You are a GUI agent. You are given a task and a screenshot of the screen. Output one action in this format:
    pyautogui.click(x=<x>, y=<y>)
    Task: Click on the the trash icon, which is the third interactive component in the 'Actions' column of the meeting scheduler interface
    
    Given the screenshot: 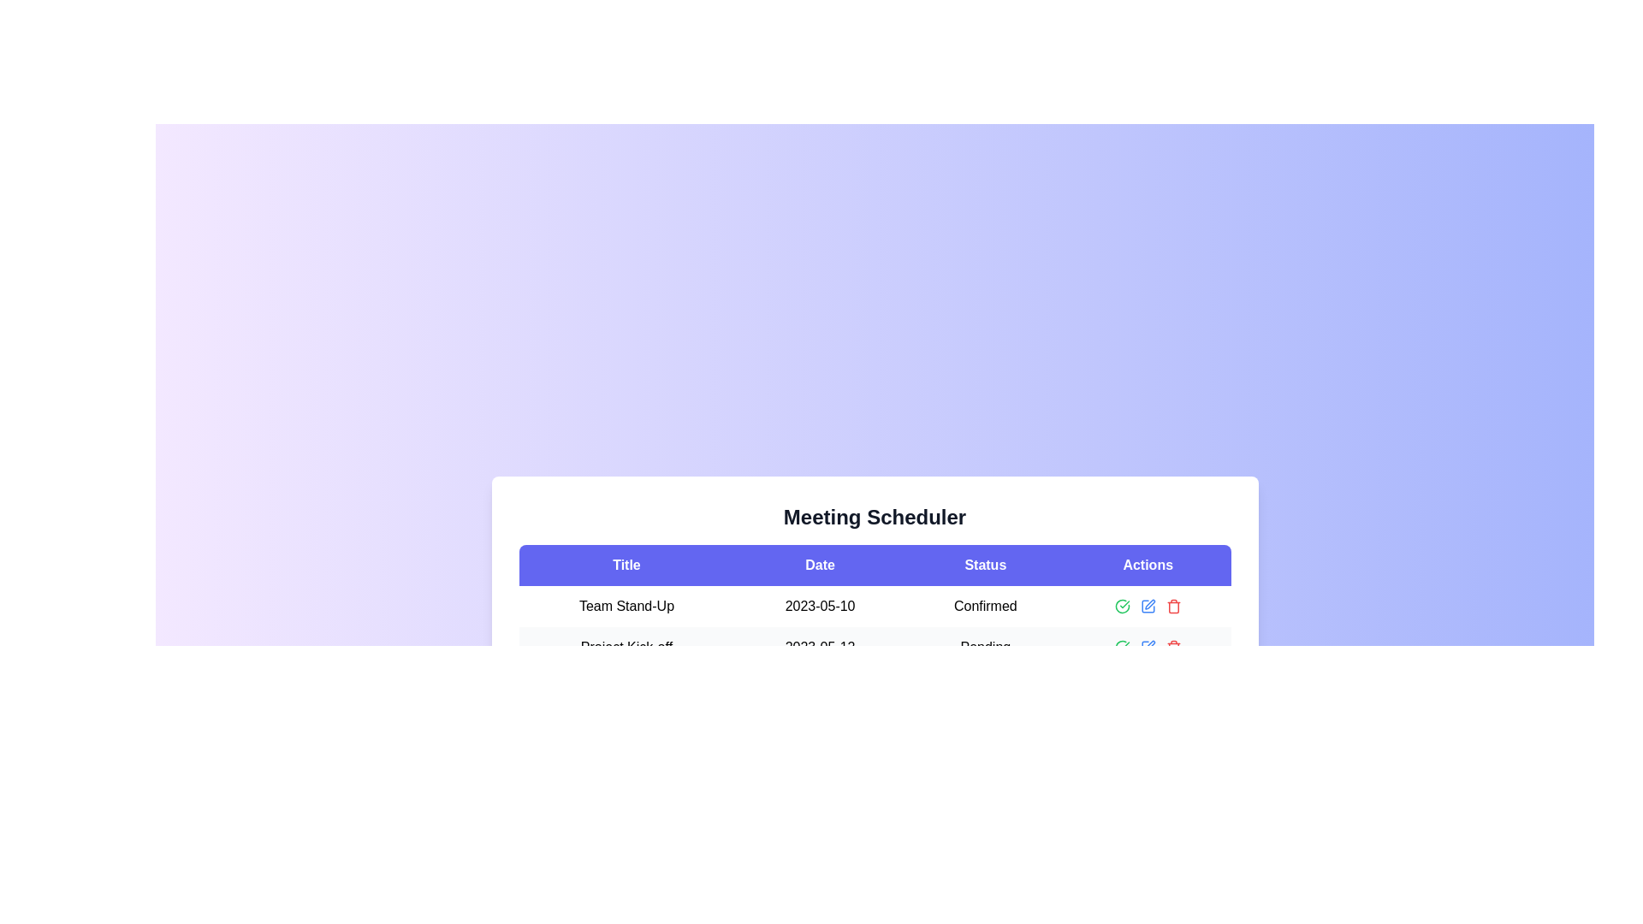 What is the action you would take?
    pyautogui.click(x=1172, y=606)
    